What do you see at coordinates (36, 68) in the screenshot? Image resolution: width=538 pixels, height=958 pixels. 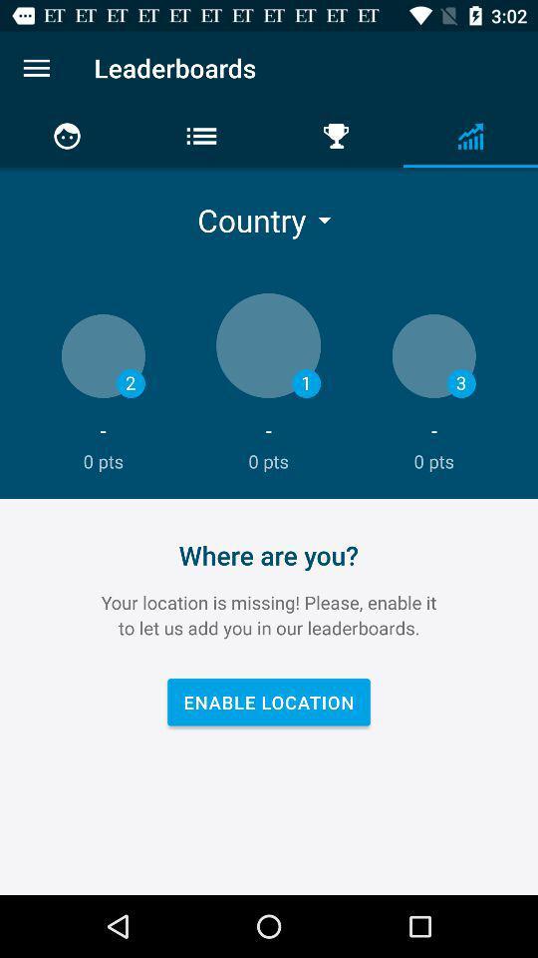 I see `options` at bounding box center [36, 68].